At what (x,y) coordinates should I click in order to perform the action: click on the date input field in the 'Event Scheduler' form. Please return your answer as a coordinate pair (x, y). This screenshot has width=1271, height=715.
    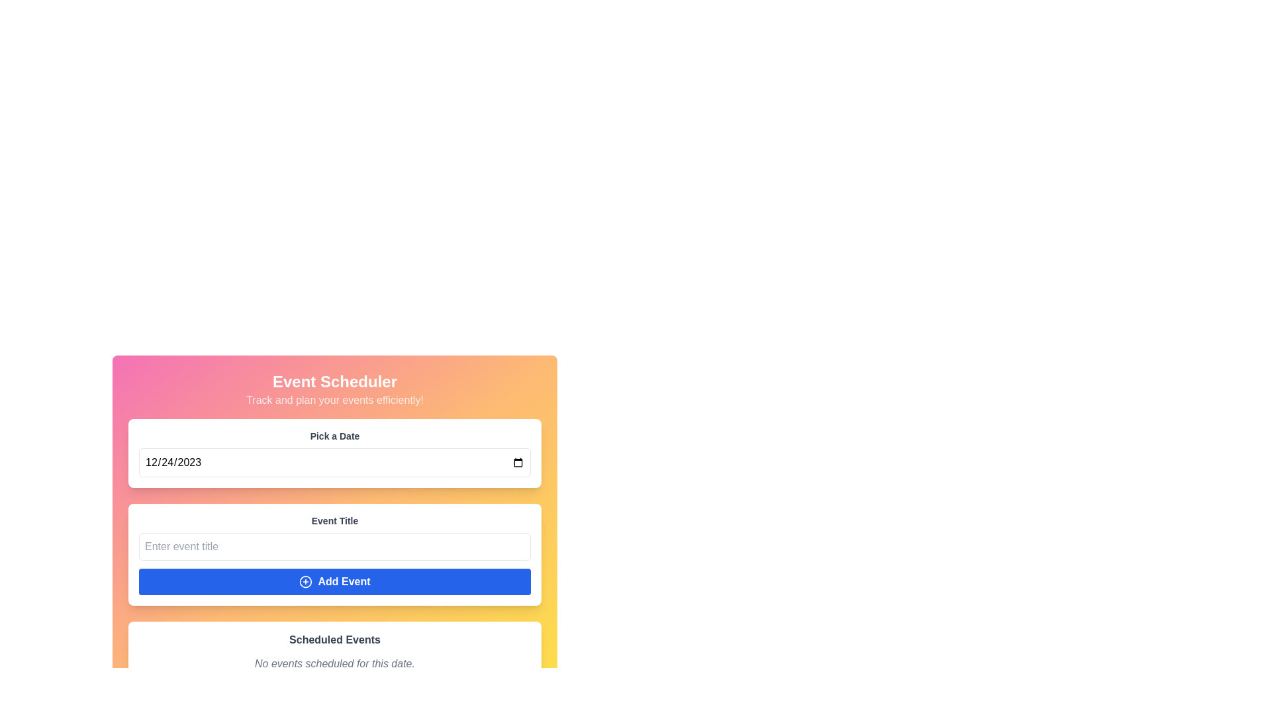
    Looking at the image, I should click on (334, 453).